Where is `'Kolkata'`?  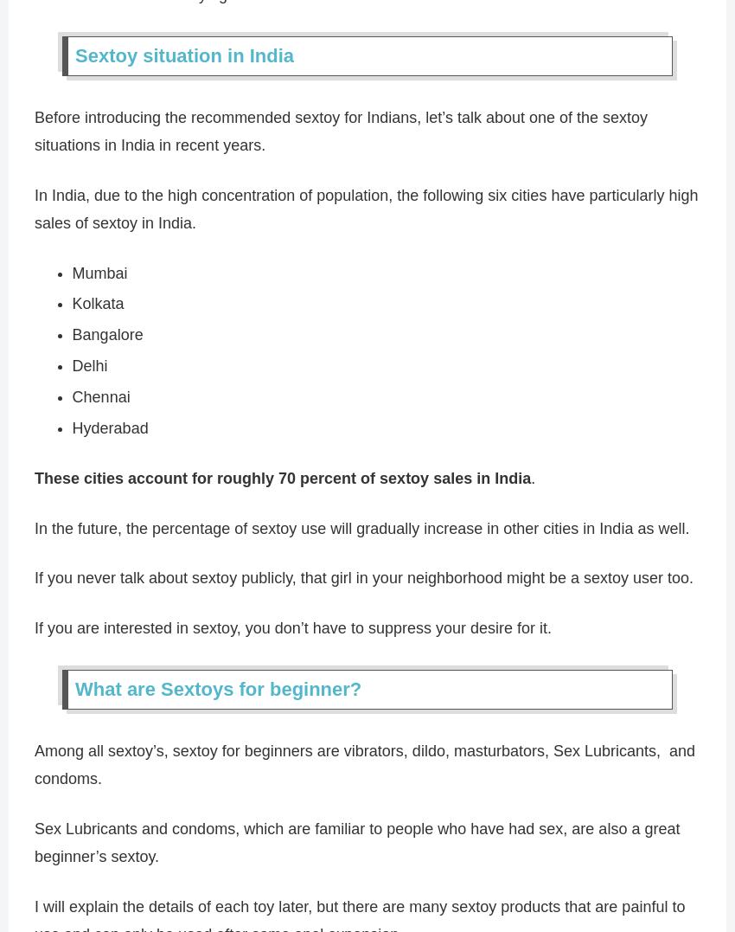
'Kolkata' is located at coordinates (96, 302).